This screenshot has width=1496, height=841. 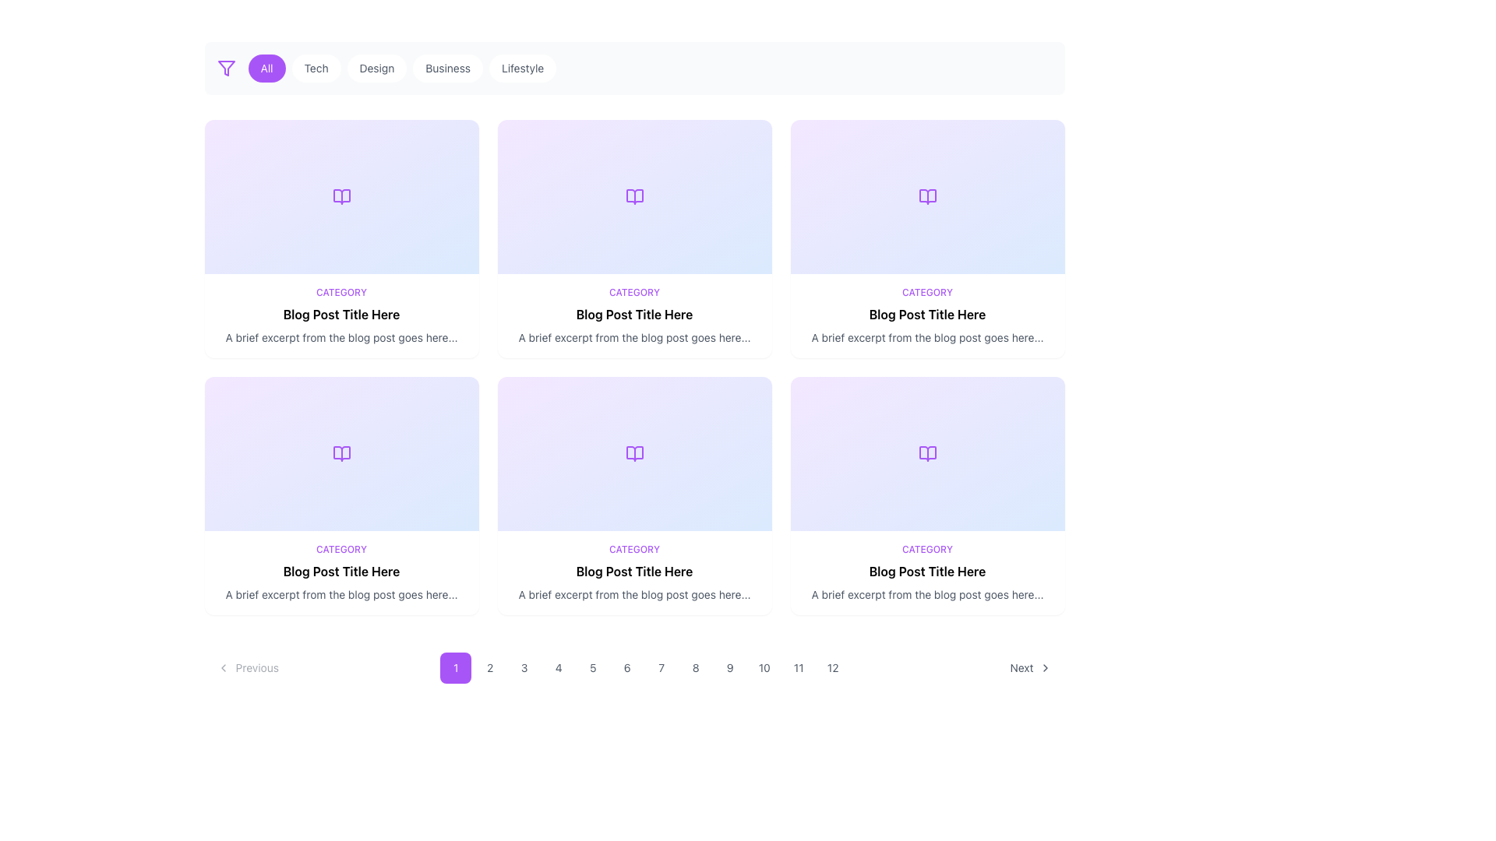 I want to click on the button labeled '9', which is a rounded square UI component located near the bottom center of the interface, so click(x=729, y=667).